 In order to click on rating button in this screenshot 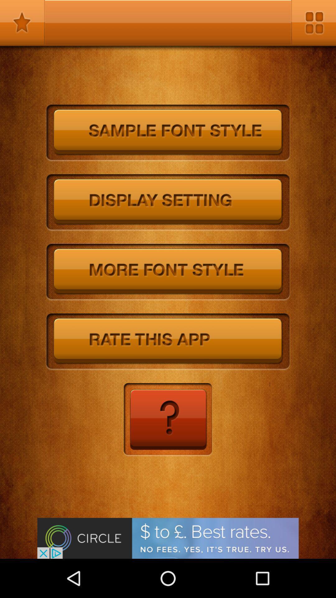, I will do `click(168, 342)`.